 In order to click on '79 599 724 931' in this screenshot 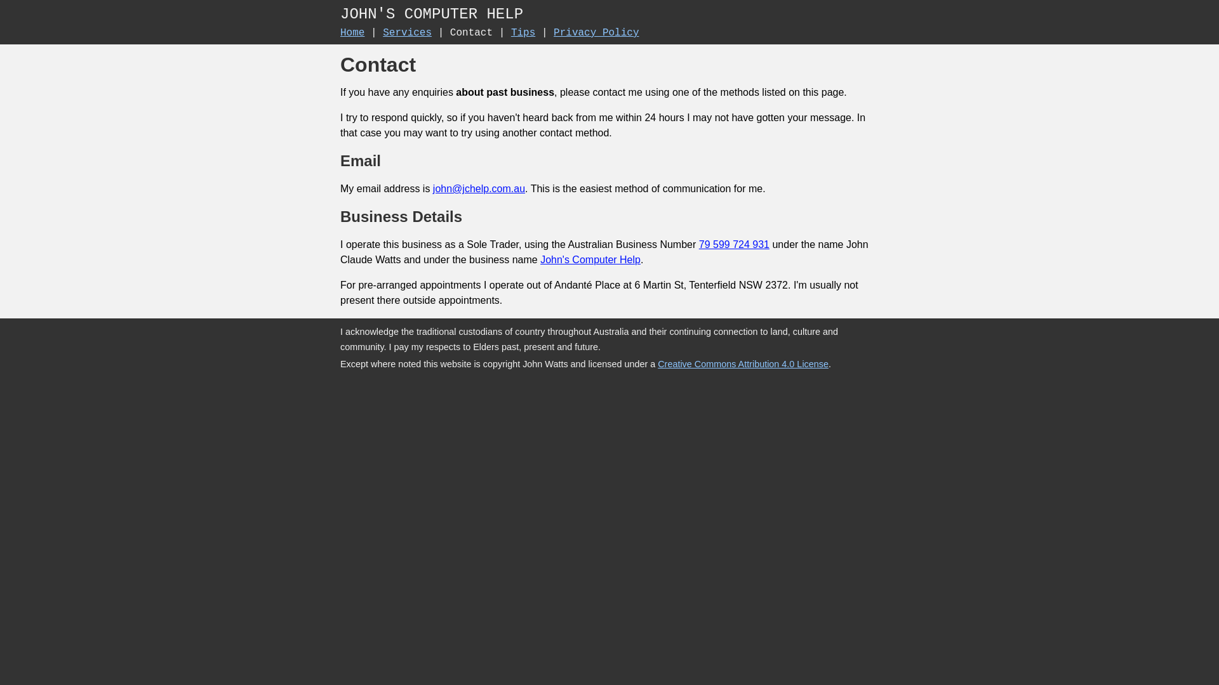, I will do `click(734, 244)`.